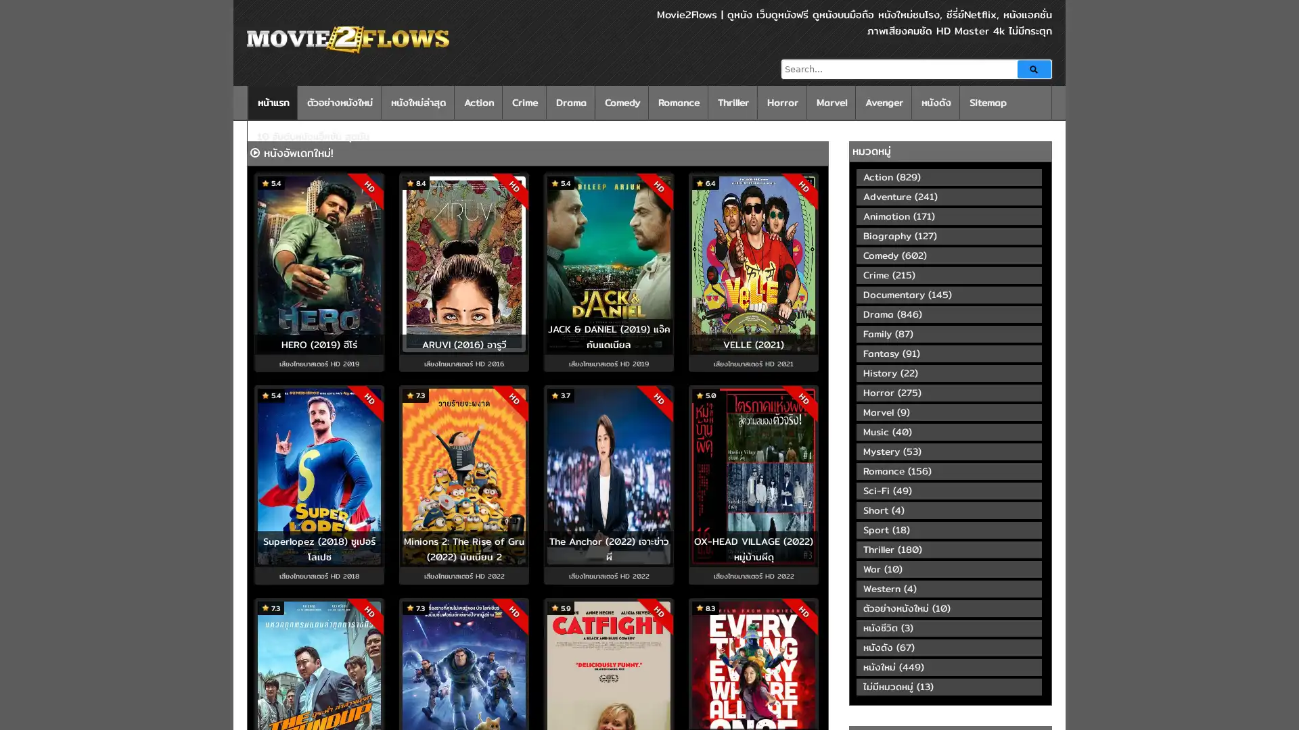 Image resolution: width=1299 pixels, height=730 pixels. I want to click on Search, so click(1034, 69).